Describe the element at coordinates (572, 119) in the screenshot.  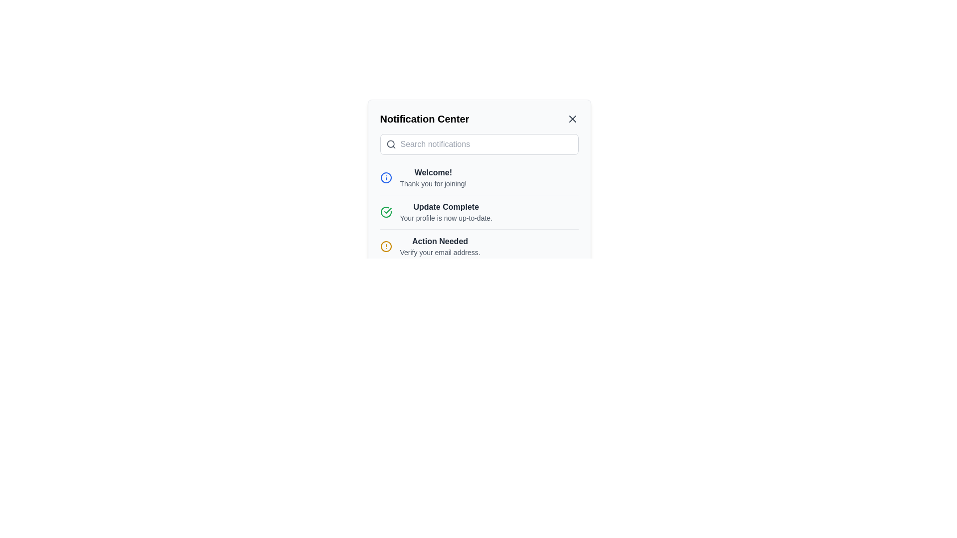
I see `the cross-shaped dark gray button` at that location.